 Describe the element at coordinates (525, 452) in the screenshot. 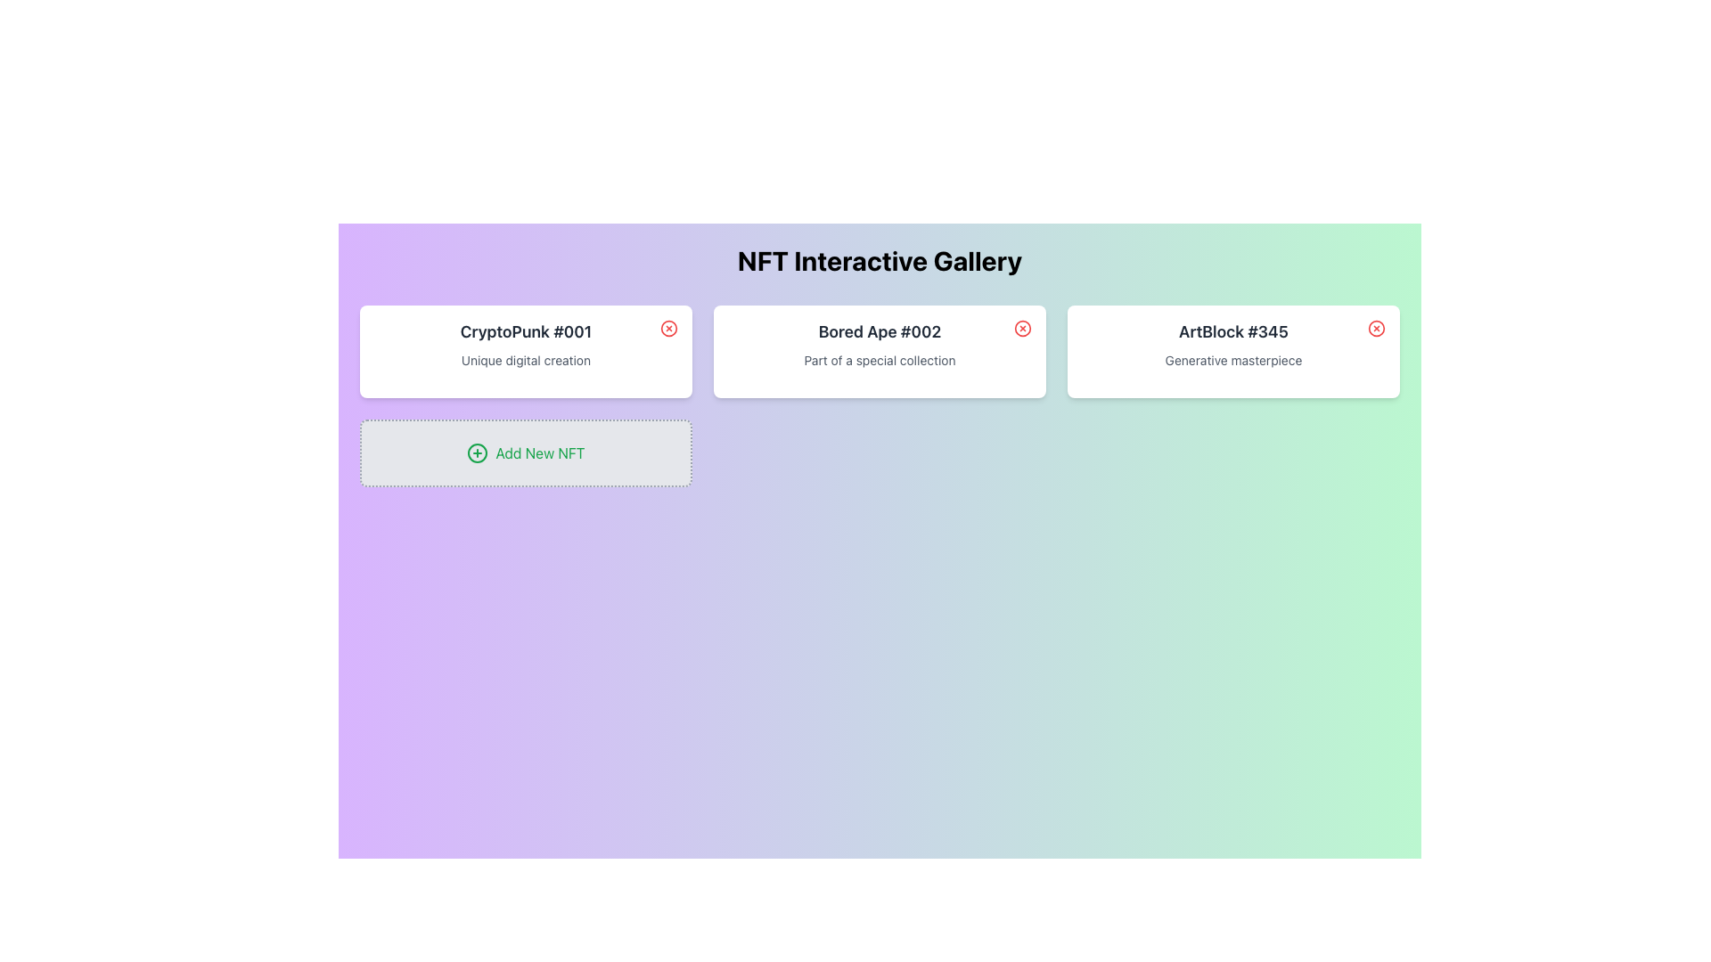

I see `the 'Add New NFT' button, which features a green circular icon with a plus symbol and is centrally positioned beneath NFT tiles` at that location.